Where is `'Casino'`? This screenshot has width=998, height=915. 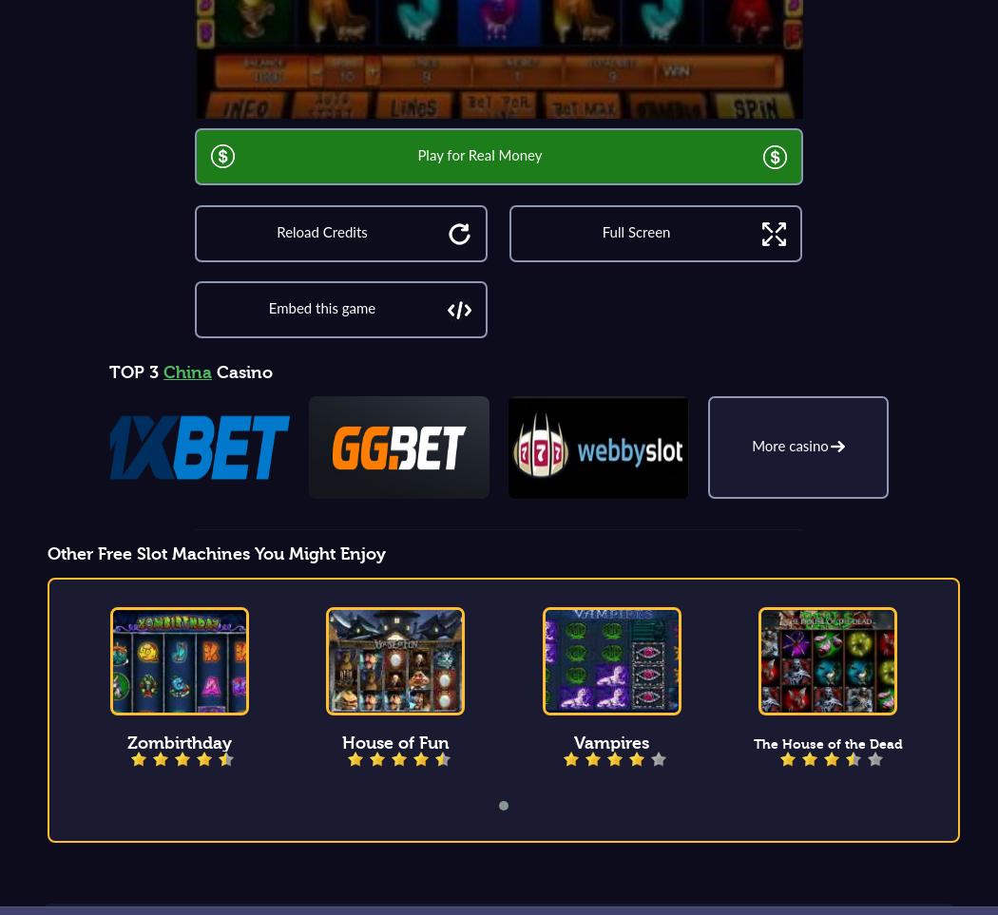
'Casino' is located at coordinates (211, 372).